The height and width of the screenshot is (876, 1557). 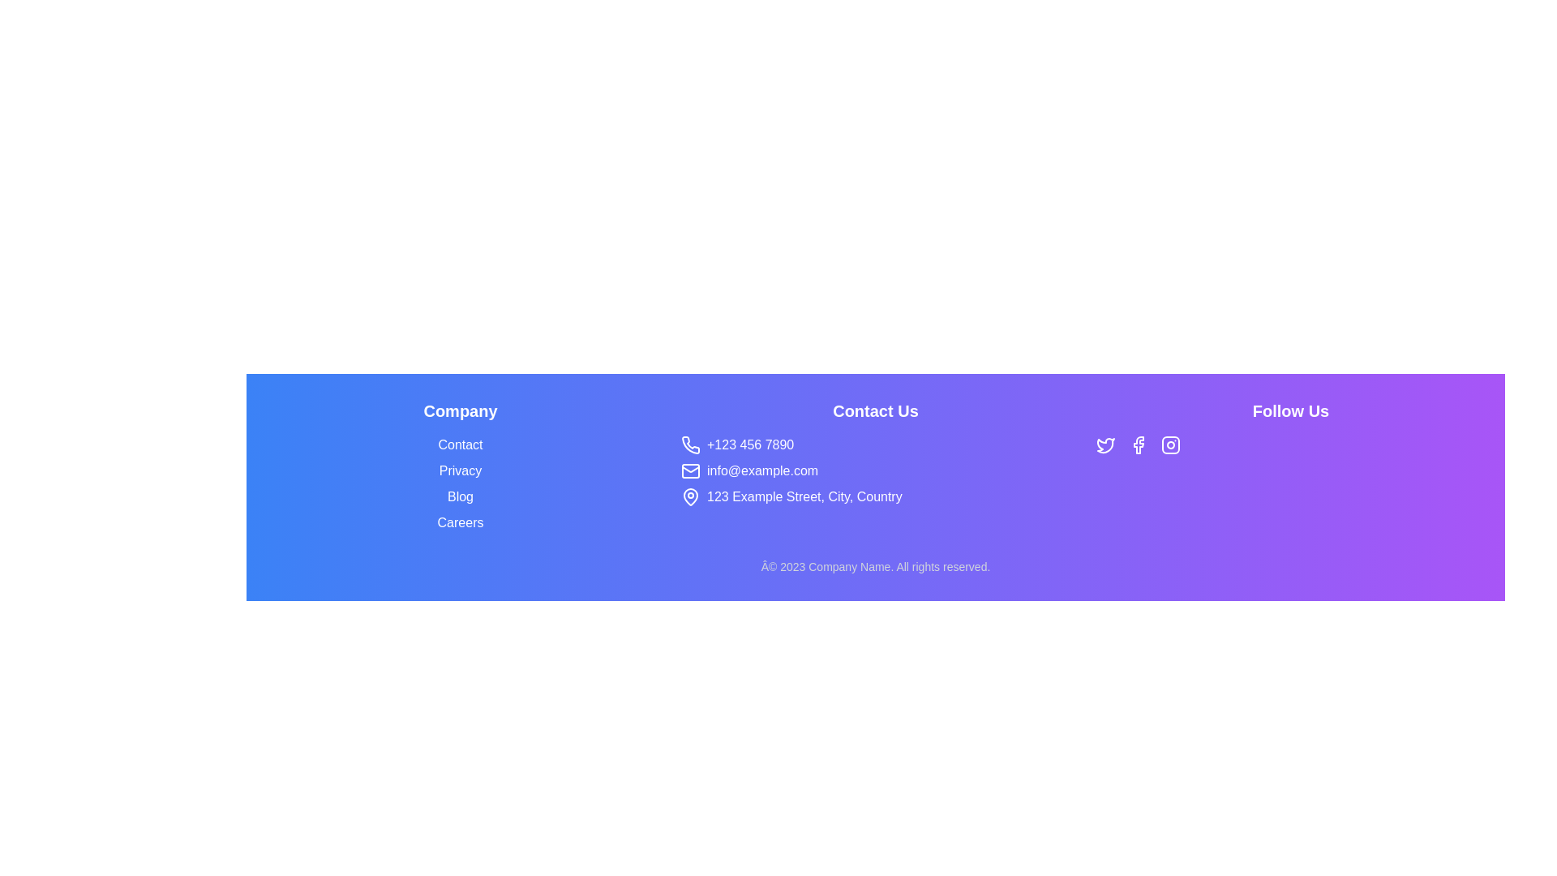 What do you see at coordinates (875, 410) in the screenshot?
I see `the bold, extra-large 'Contact Us' text label, which is centrally located on a gradient background transitioning from blue to purple, positioned at the top of the contact information section` at bounding box center [875, 410].